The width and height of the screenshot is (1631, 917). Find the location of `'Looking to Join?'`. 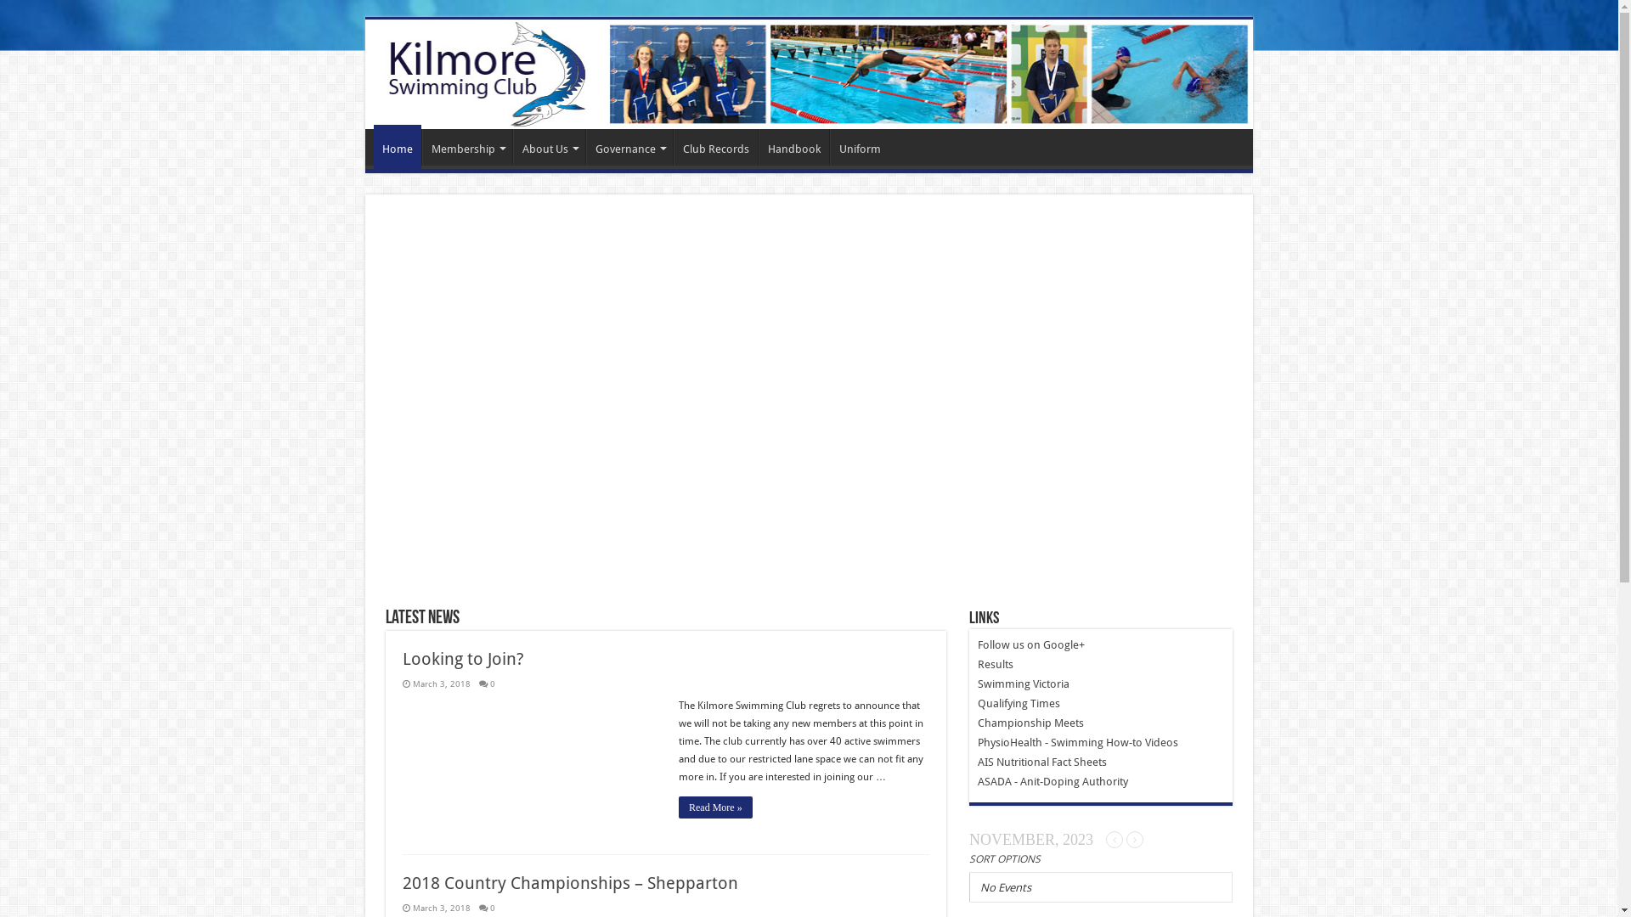

'Looking to Join?' is located at coordinates (463, 657).